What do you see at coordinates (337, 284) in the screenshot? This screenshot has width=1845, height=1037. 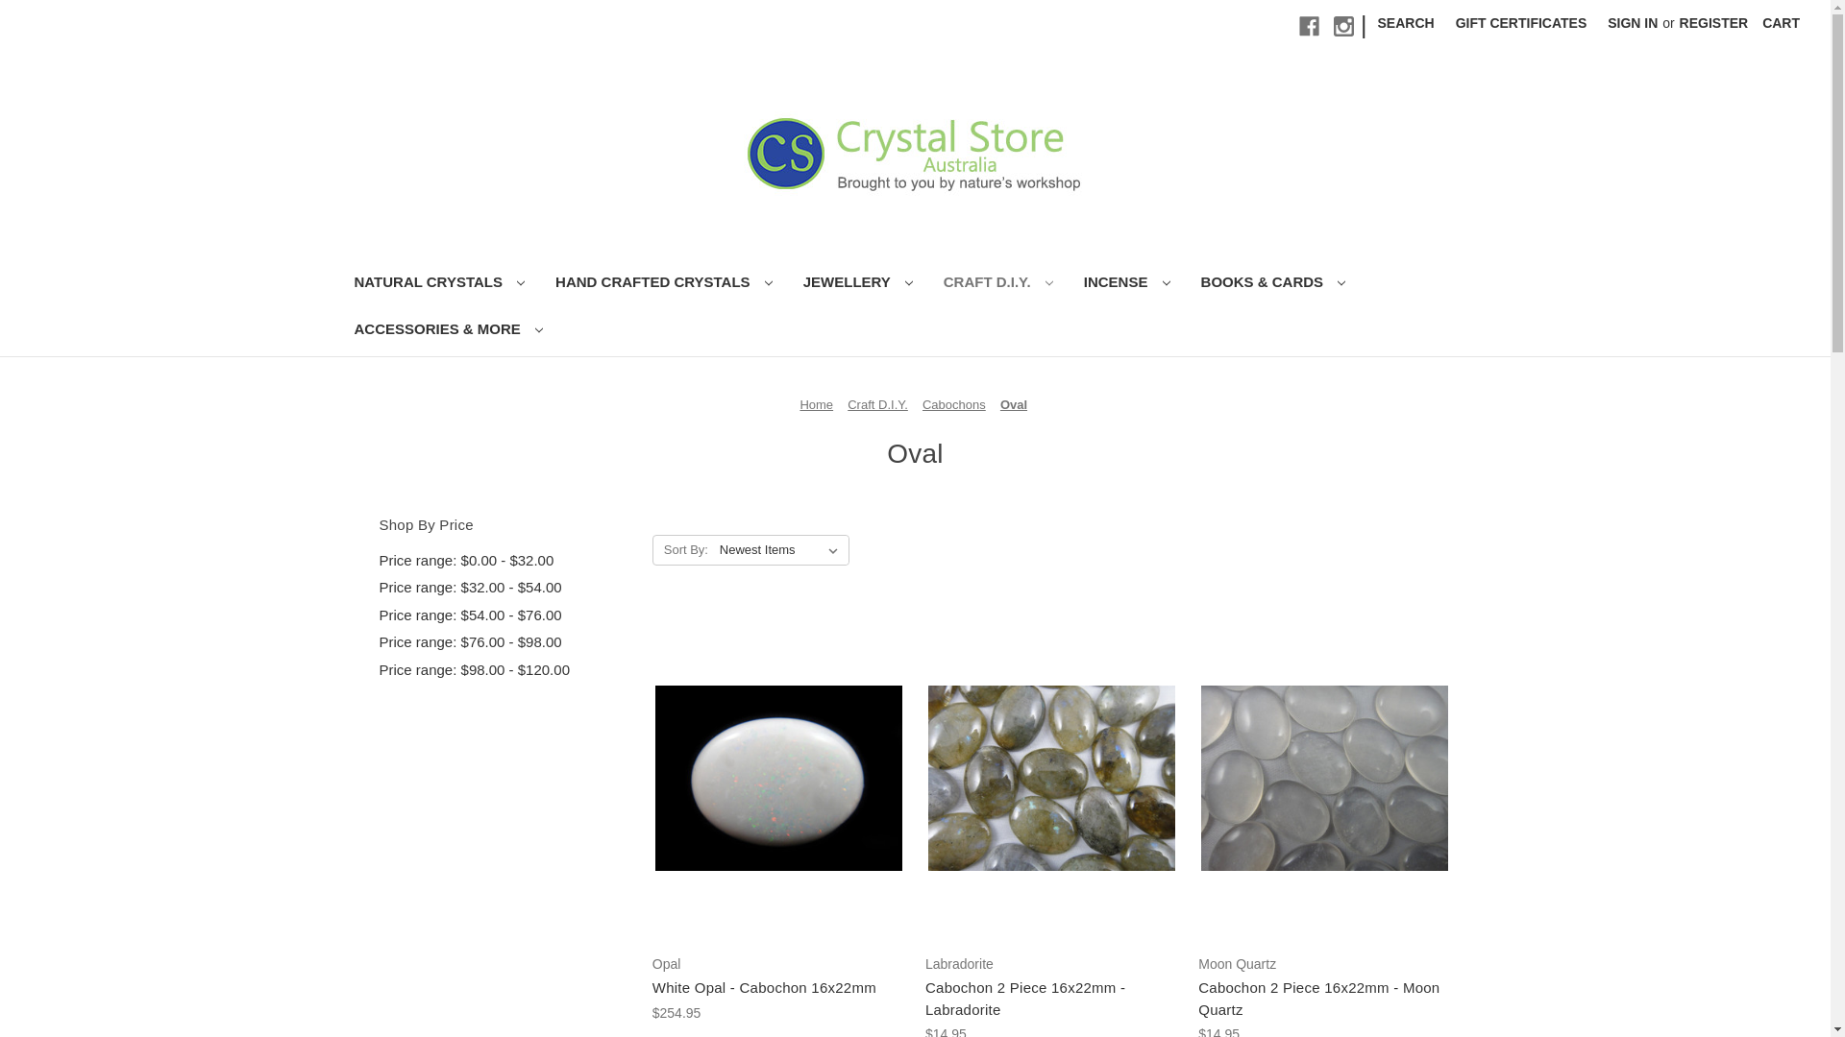 I see `'NATURAL CRYSTALS'` at bounding box center [337, 284].